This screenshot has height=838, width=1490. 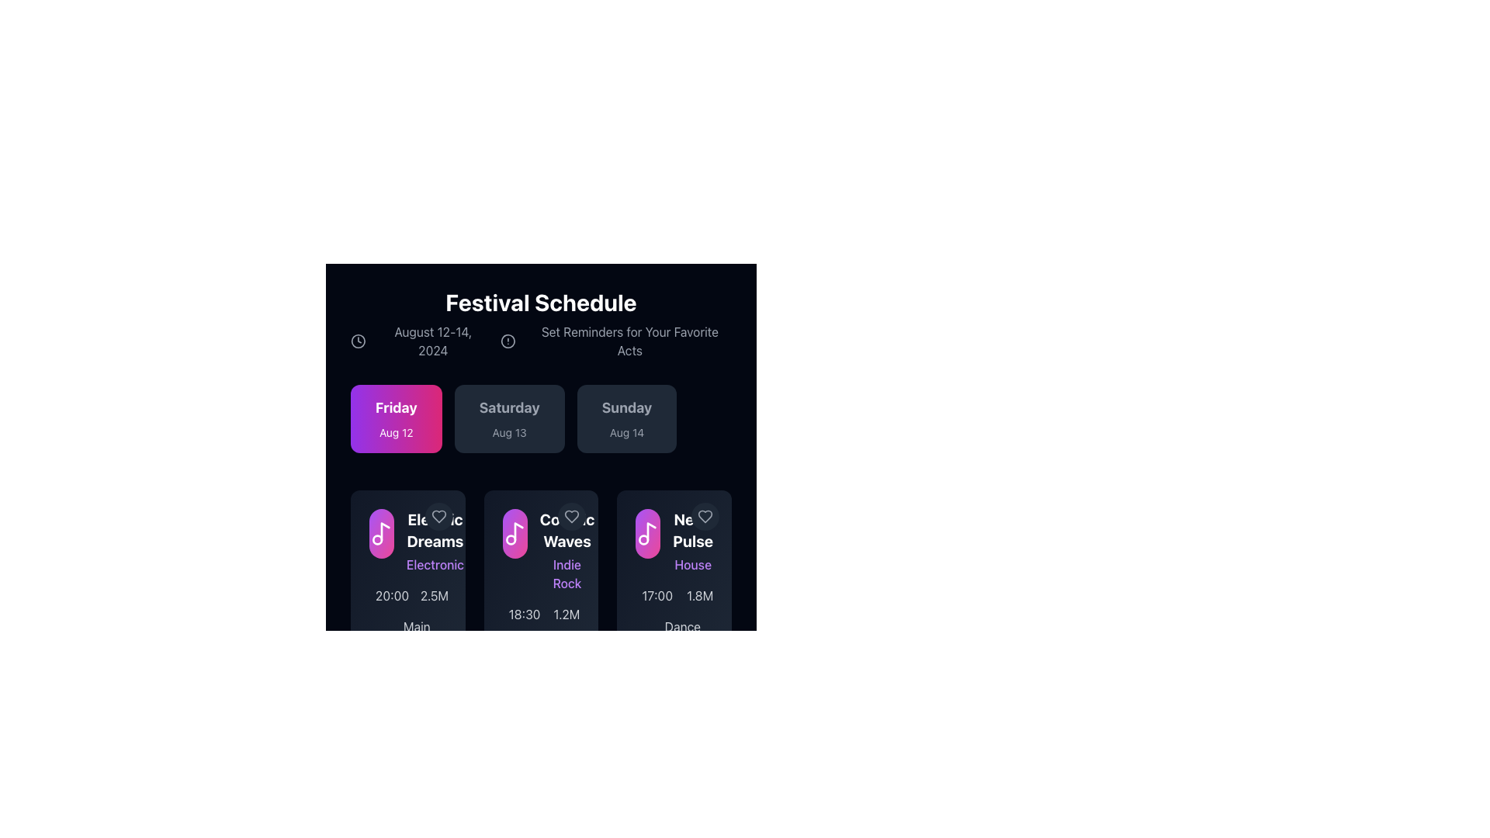 What do you see at coordinates (438, 517) in the screenshot?
I see `the 'like' button with an icon located` at bounding box center [438, 517].